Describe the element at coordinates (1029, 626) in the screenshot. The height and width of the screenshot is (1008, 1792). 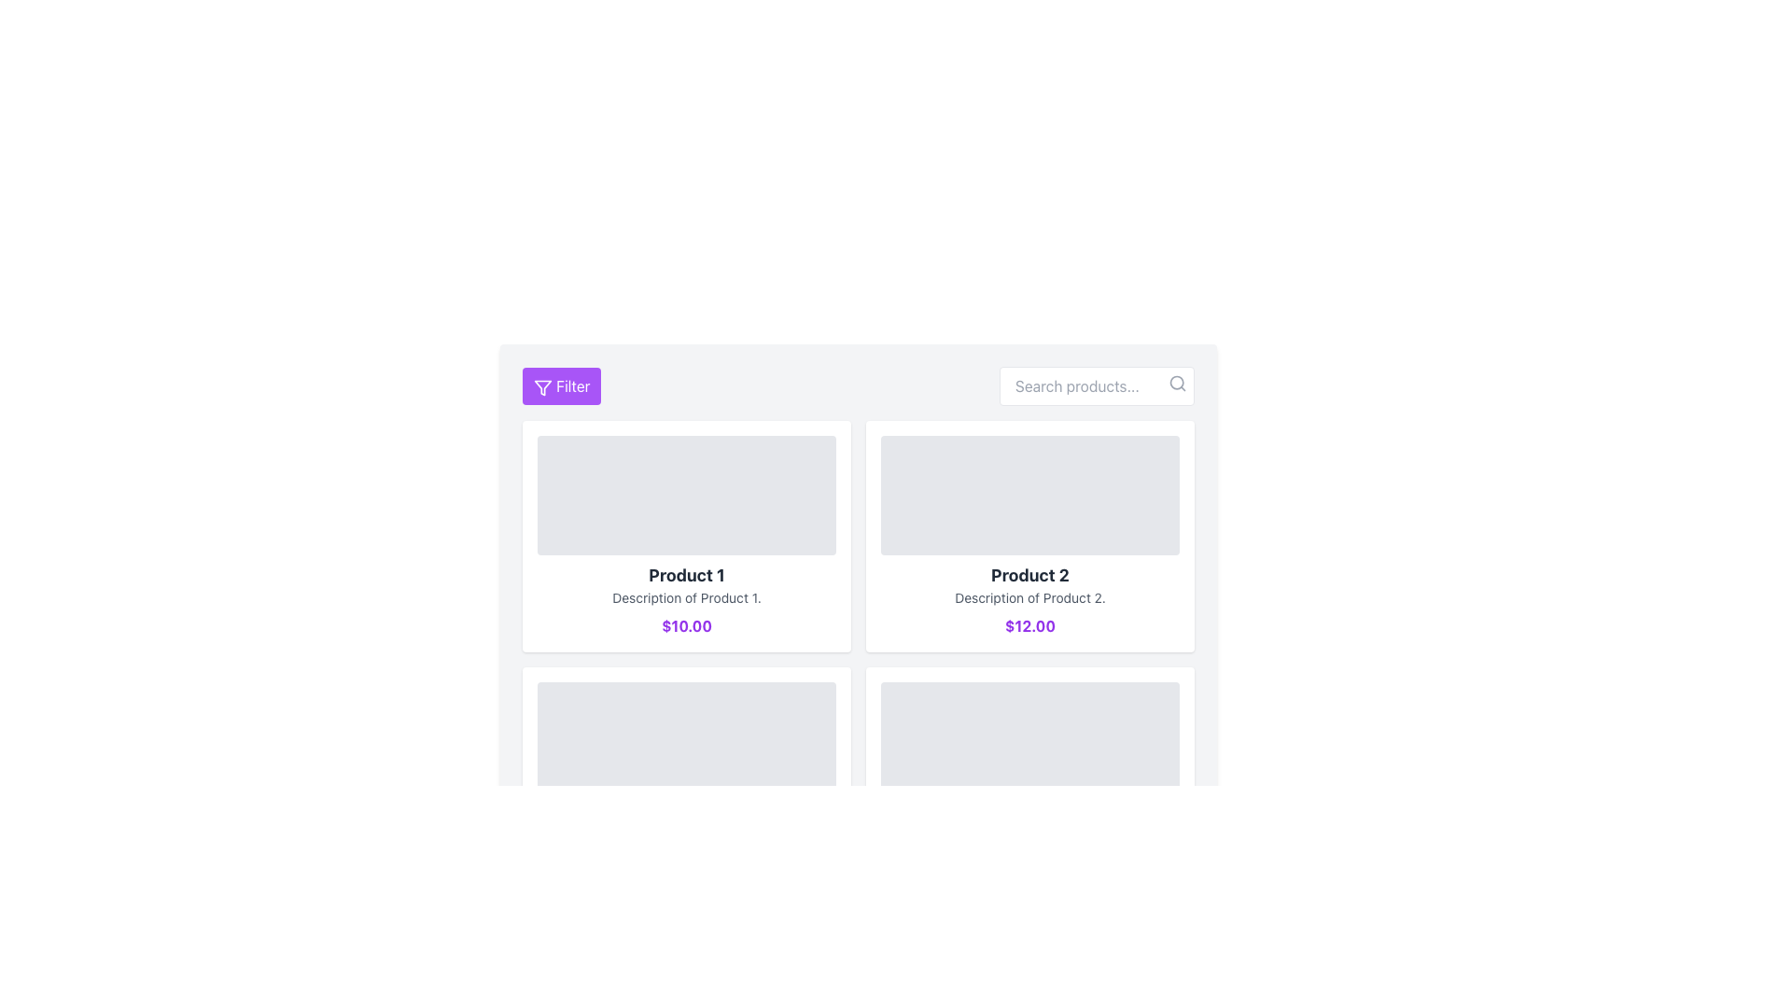
I see `price display Text Label for 'Product 2', located at the bottom of the product details card` at that location.